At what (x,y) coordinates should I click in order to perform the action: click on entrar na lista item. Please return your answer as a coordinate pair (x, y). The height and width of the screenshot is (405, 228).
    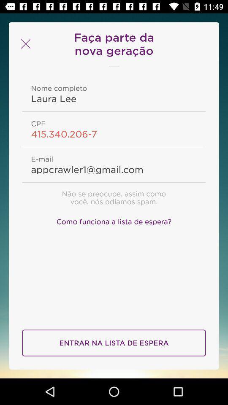
    Looking at the image, I should click on (114, 343).